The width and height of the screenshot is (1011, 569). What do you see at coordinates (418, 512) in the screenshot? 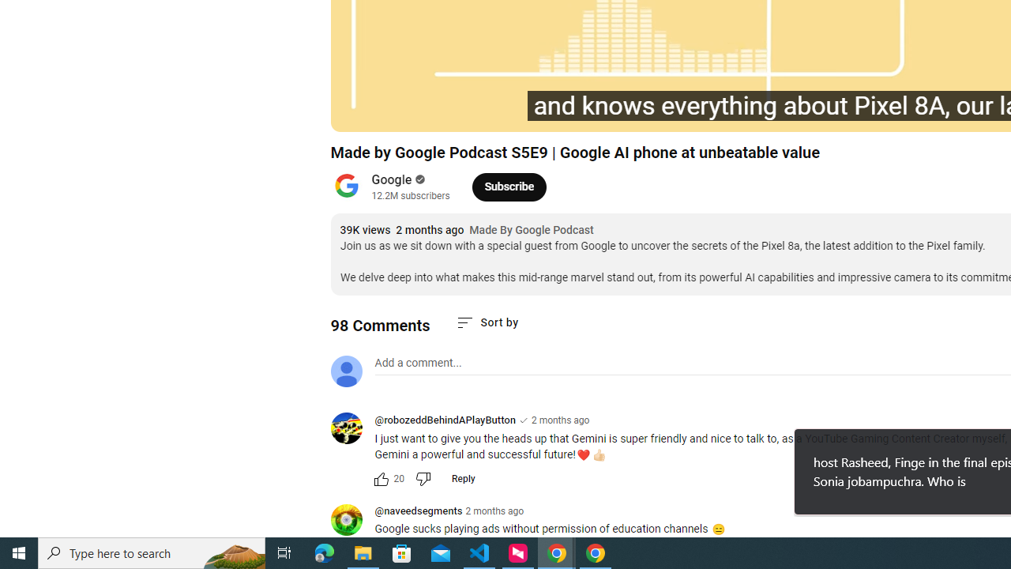
I see `'@naveedsegments'` at bounding box center [418, 512].